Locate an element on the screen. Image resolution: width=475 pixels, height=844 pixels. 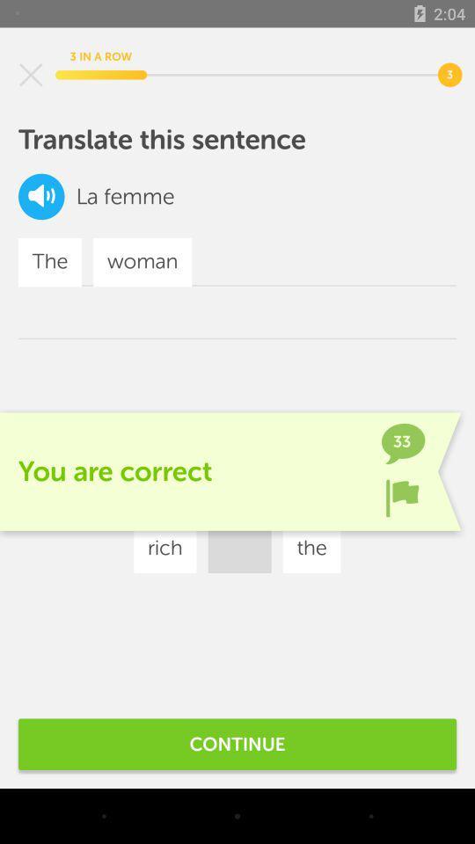
the item below the translate this sentence icon is located at coordinates (330, 496).